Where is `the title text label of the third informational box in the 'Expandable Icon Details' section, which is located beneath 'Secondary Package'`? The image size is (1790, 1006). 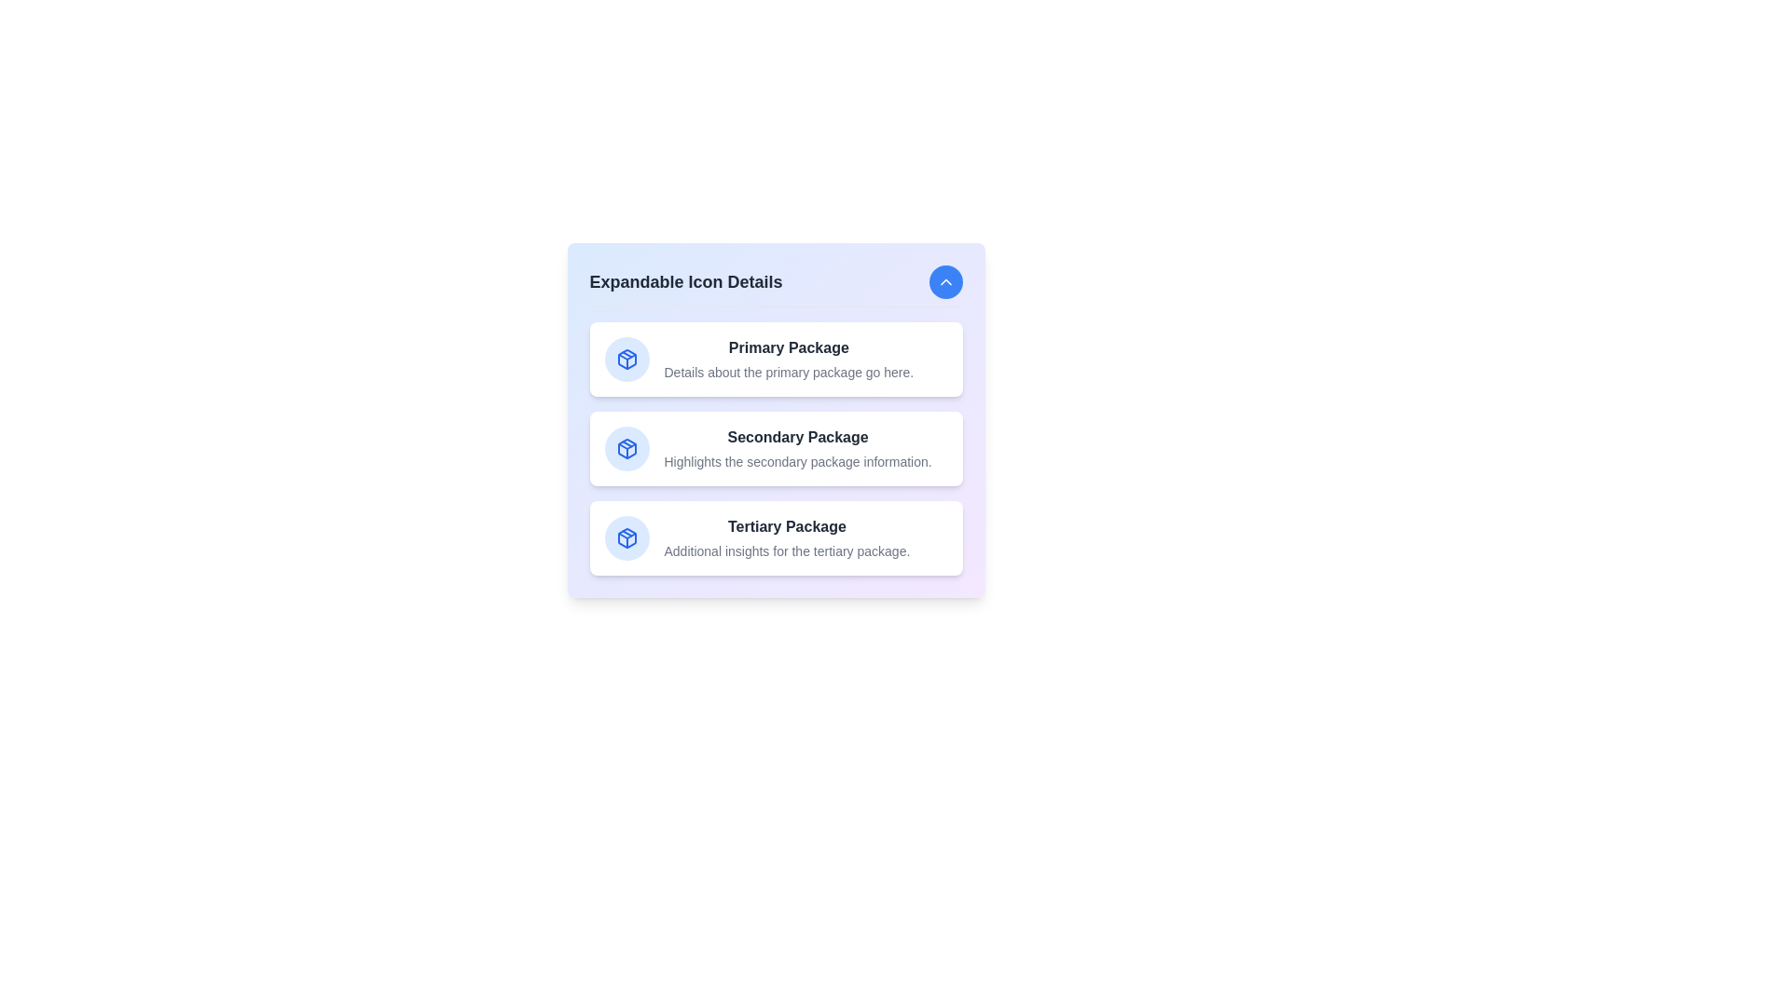 the title text label of the third informational box in the 'Expandable Icon Details' section, which is located beneath 'Secondary Package' is located at coordinates (787, 527).